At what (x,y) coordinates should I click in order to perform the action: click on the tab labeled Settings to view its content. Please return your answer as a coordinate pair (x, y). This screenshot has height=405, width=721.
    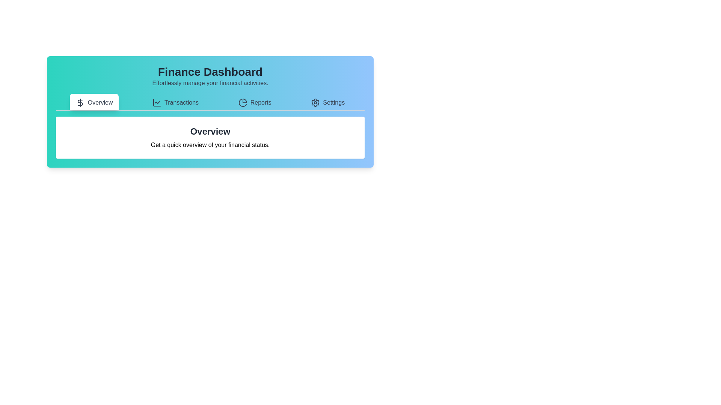
    Looking at the image, I should click on (328, 102).